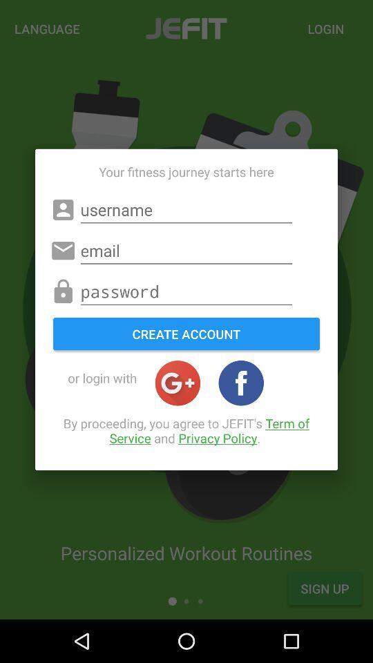 This screenshot has height=663, width=373. Describe the element at coordinates (240, 383) in the screenshot. I see `login with facebook` at that location.